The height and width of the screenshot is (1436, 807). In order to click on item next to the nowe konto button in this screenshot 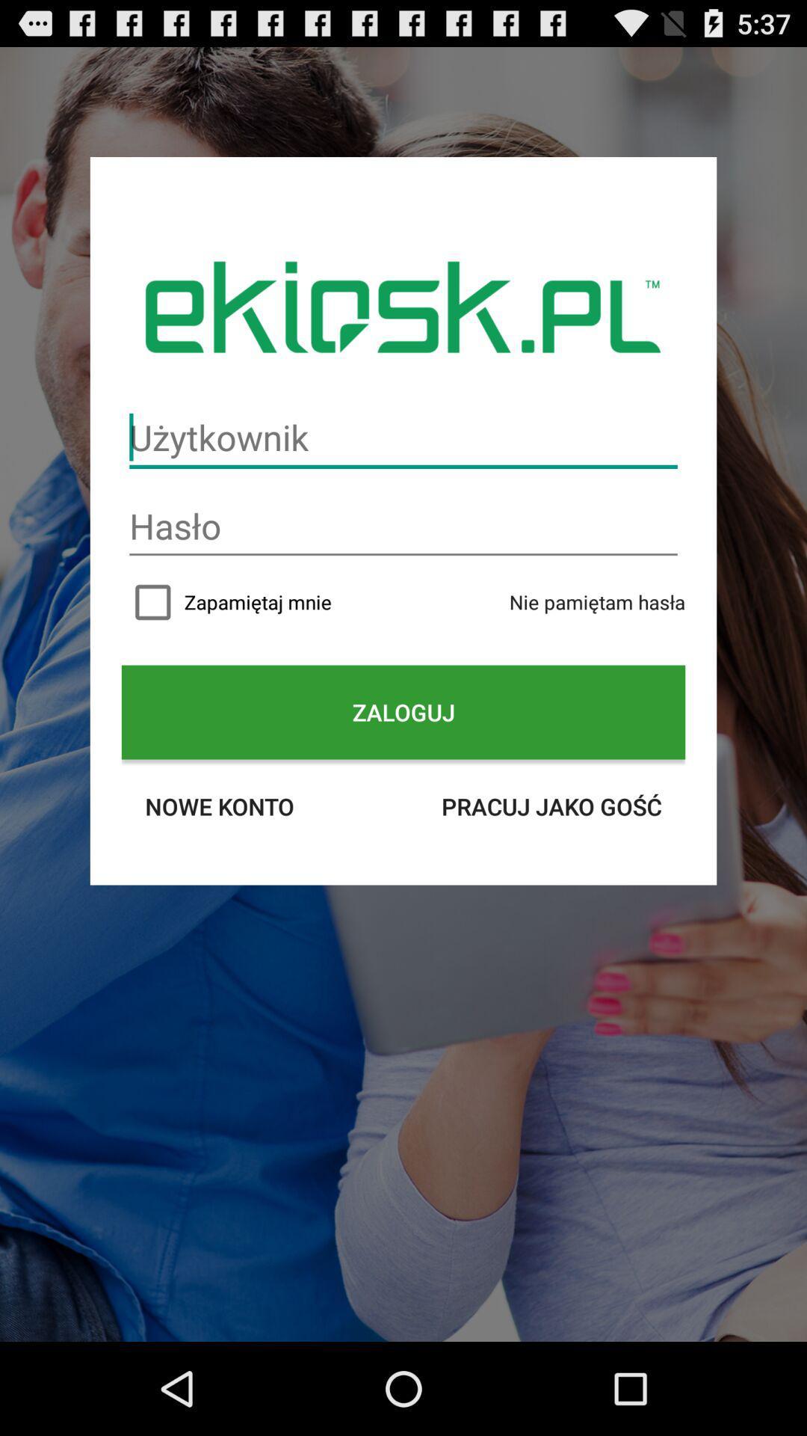, I will do `click(551, 806)`.